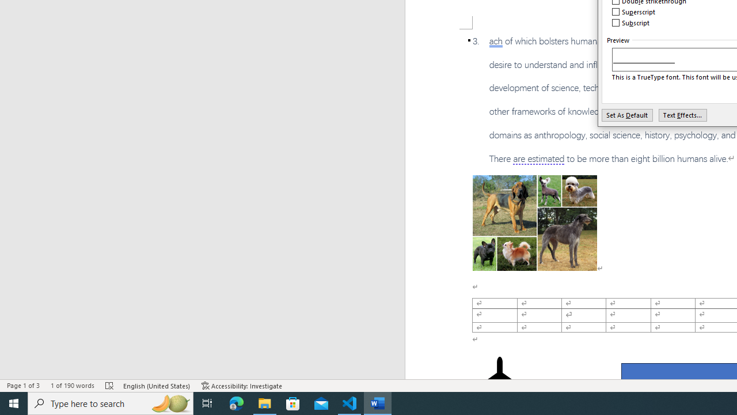 The width and height of the screenshot is (737, 415). Describe the element at coordinates (207, 402) in the screenshot. I see `'Task View'` at that location.